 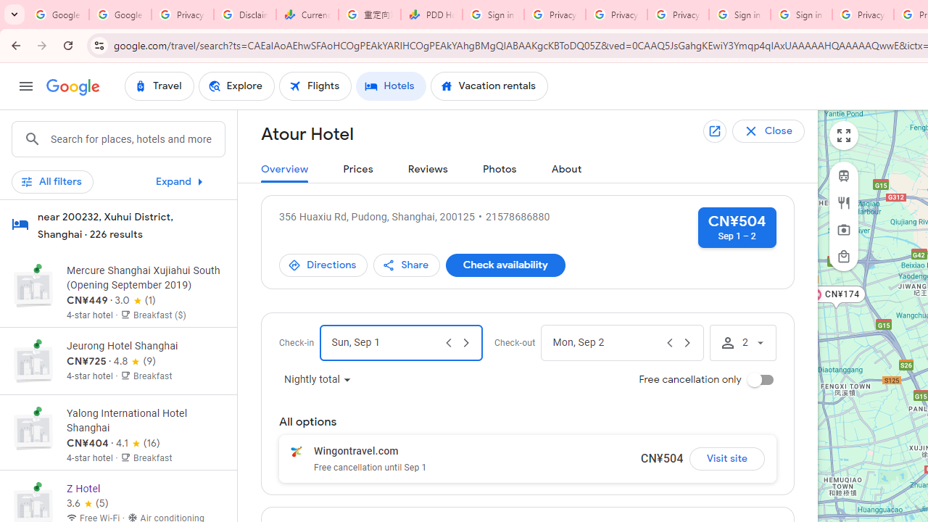 What do you see at coordinates (500, 169) in the screenshot?
I see `'Photos'` at bounding box center [500, 169].